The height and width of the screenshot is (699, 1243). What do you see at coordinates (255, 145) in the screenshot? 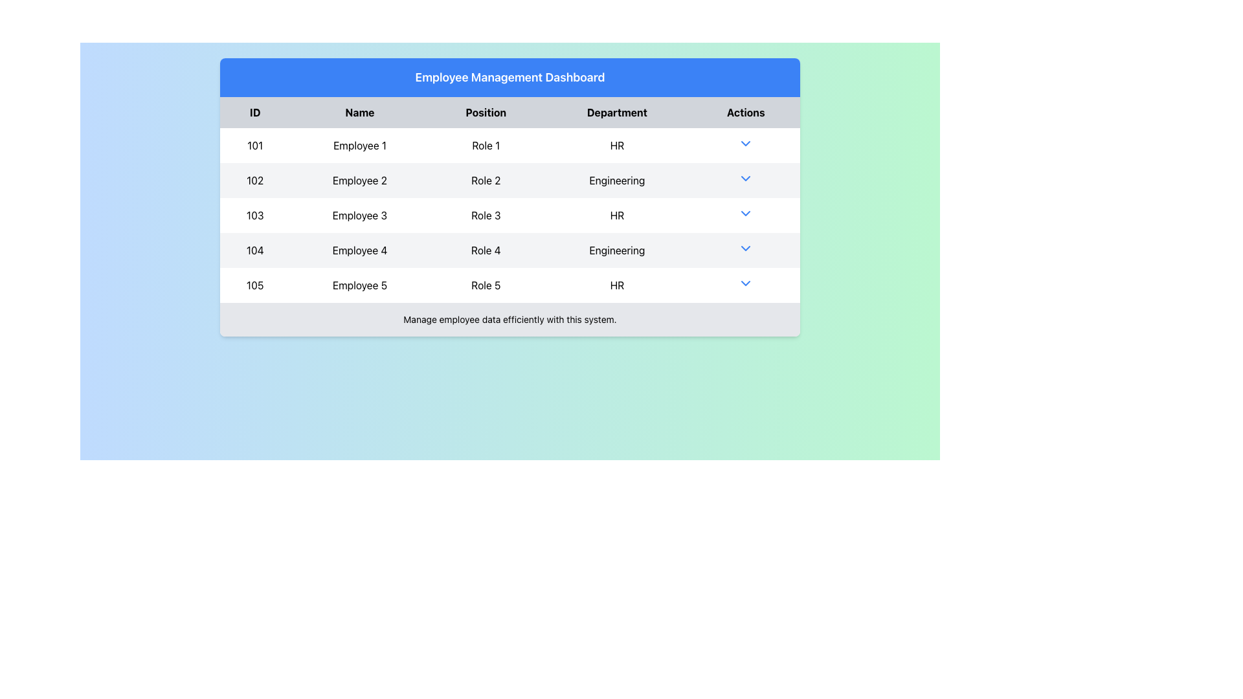
I see `the table cell containing the identifier for the first employee row located in the top-left corner of the table under the 'ID' column in the first row` at bounding box center [255, 145].